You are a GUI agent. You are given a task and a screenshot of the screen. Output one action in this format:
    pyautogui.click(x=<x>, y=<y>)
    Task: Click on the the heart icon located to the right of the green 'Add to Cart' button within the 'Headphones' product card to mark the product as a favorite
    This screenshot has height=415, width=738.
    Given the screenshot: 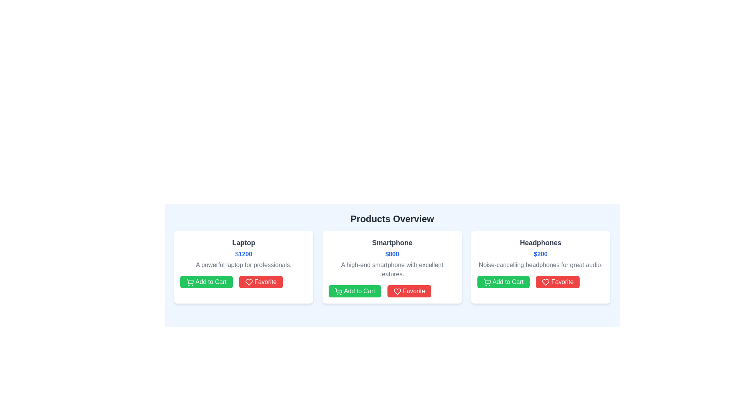 What is the action you would take?
    pyautogui.click(x=545, y=282)
    